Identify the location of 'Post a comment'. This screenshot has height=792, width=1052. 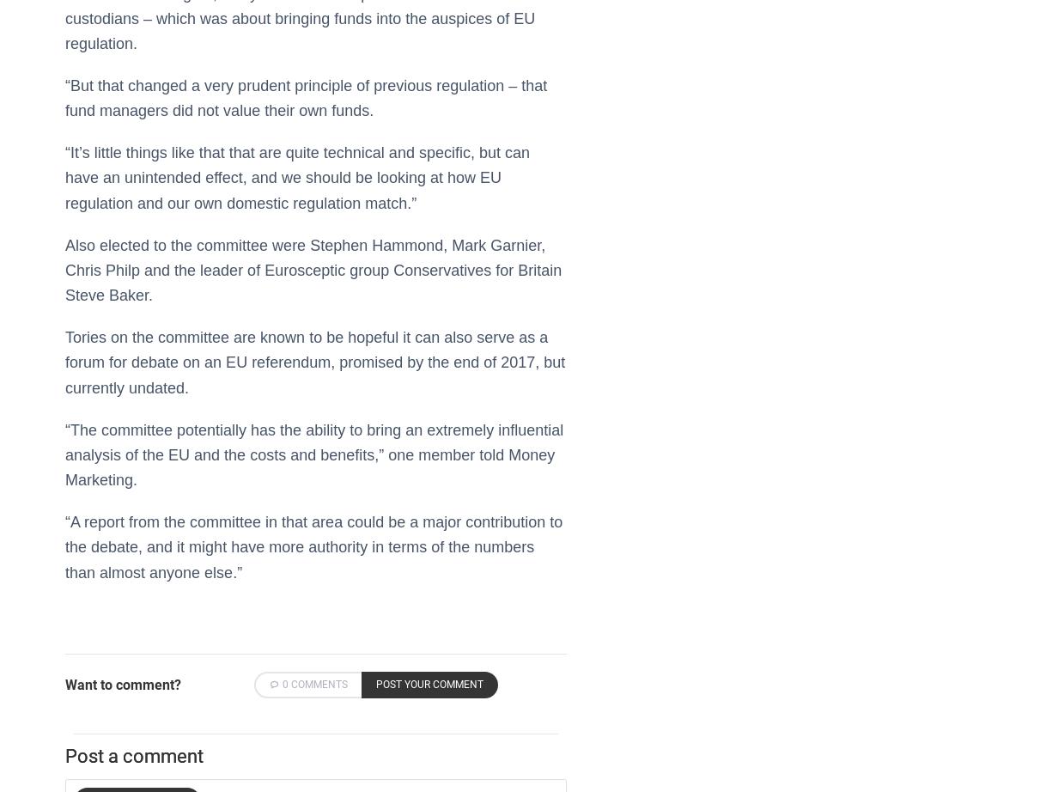
(133, 754).